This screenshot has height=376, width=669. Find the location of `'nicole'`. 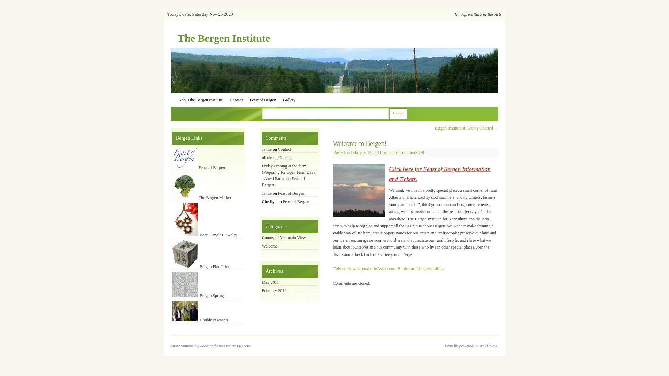

'nicole' is located at coordinates (267, 157).